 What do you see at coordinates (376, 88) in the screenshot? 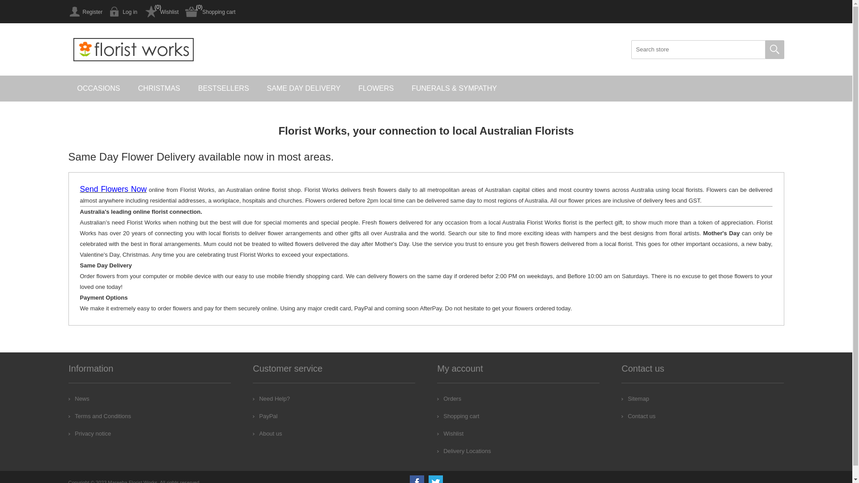
I see `'FLOWERS'` at bounding box center [376, 88].